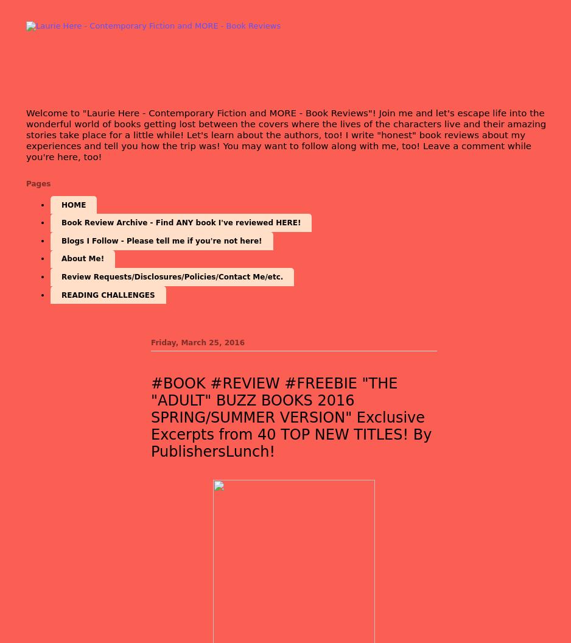  I want to click on 'Friday, March 25, 2016', so click(197, 342).